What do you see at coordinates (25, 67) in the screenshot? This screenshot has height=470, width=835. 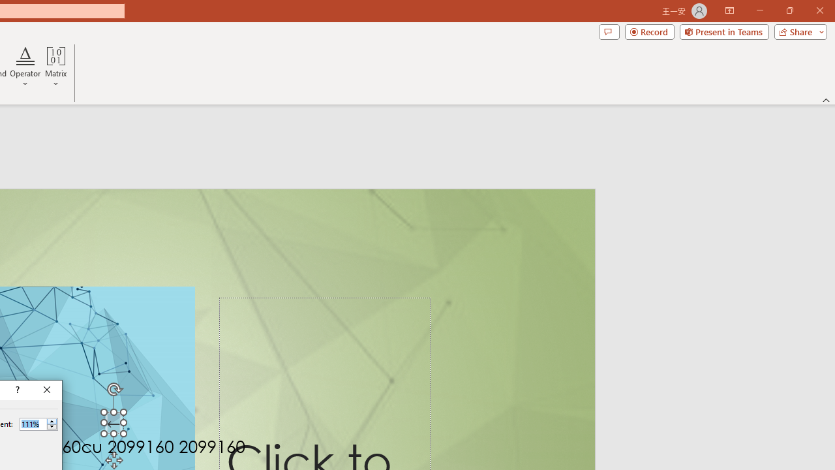 I see `'Operator'` at bounding box center [25, 67].